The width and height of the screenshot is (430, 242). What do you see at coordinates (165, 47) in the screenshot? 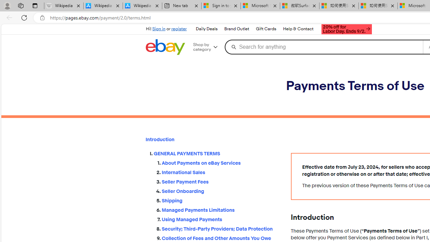
I see `'eBay Home'` at bounding box center [165, 47].